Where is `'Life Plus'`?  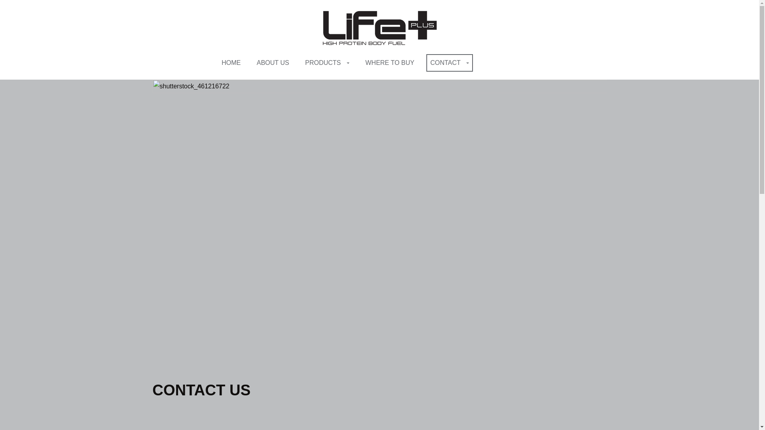
'Life Plus' is located at coordinates (379, 27).